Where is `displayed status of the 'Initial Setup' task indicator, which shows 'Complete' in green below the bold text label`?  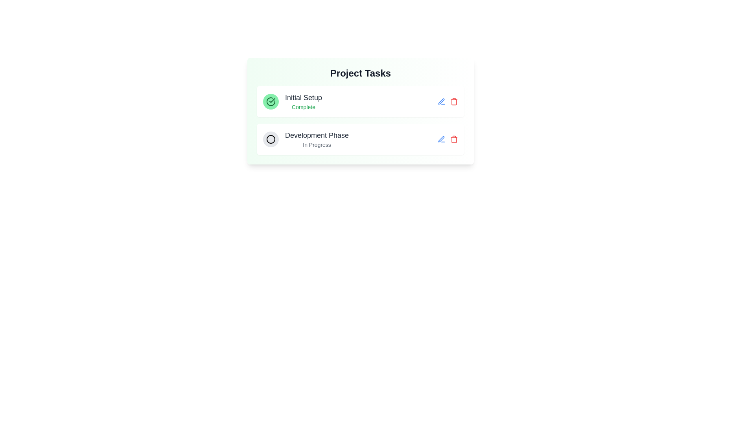
displayed status of the 'Initial Setup' task indicator, which shows 'Complete' in green below the bold text label is located at coordinates (292, 101).